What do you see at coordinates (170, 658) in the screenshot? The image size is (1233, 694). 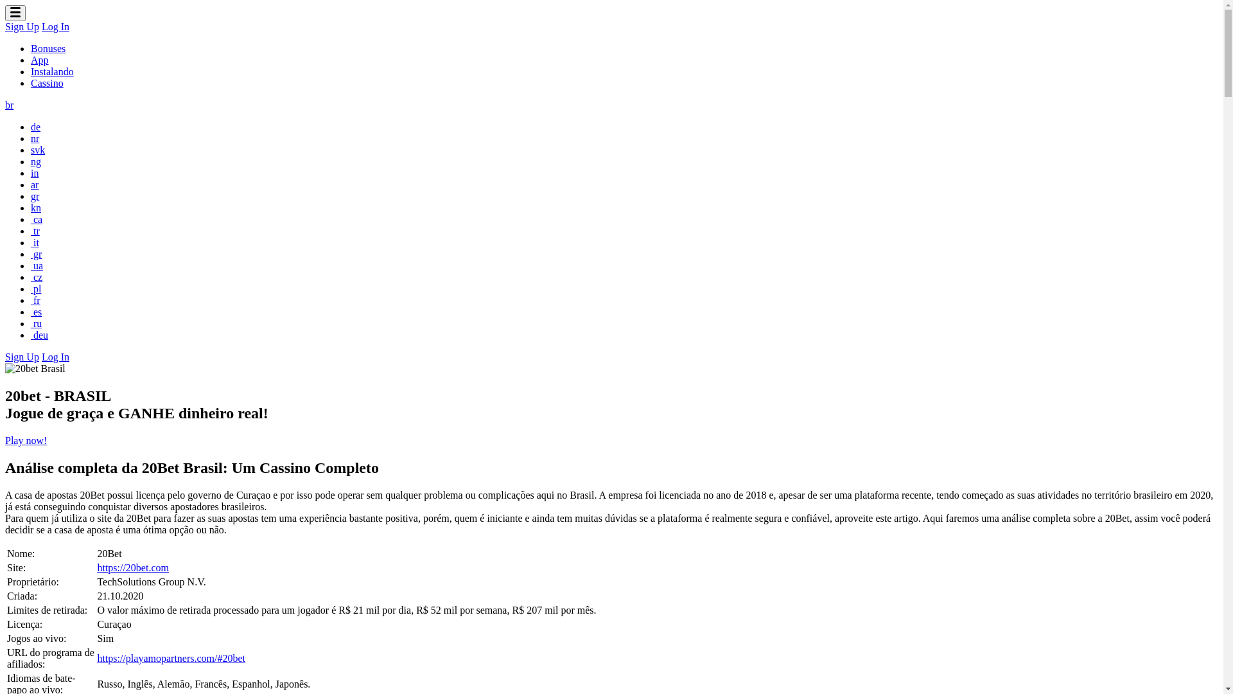 I see `'https://playamopartners.com/#20bet'` at bounding box center [170, 658].